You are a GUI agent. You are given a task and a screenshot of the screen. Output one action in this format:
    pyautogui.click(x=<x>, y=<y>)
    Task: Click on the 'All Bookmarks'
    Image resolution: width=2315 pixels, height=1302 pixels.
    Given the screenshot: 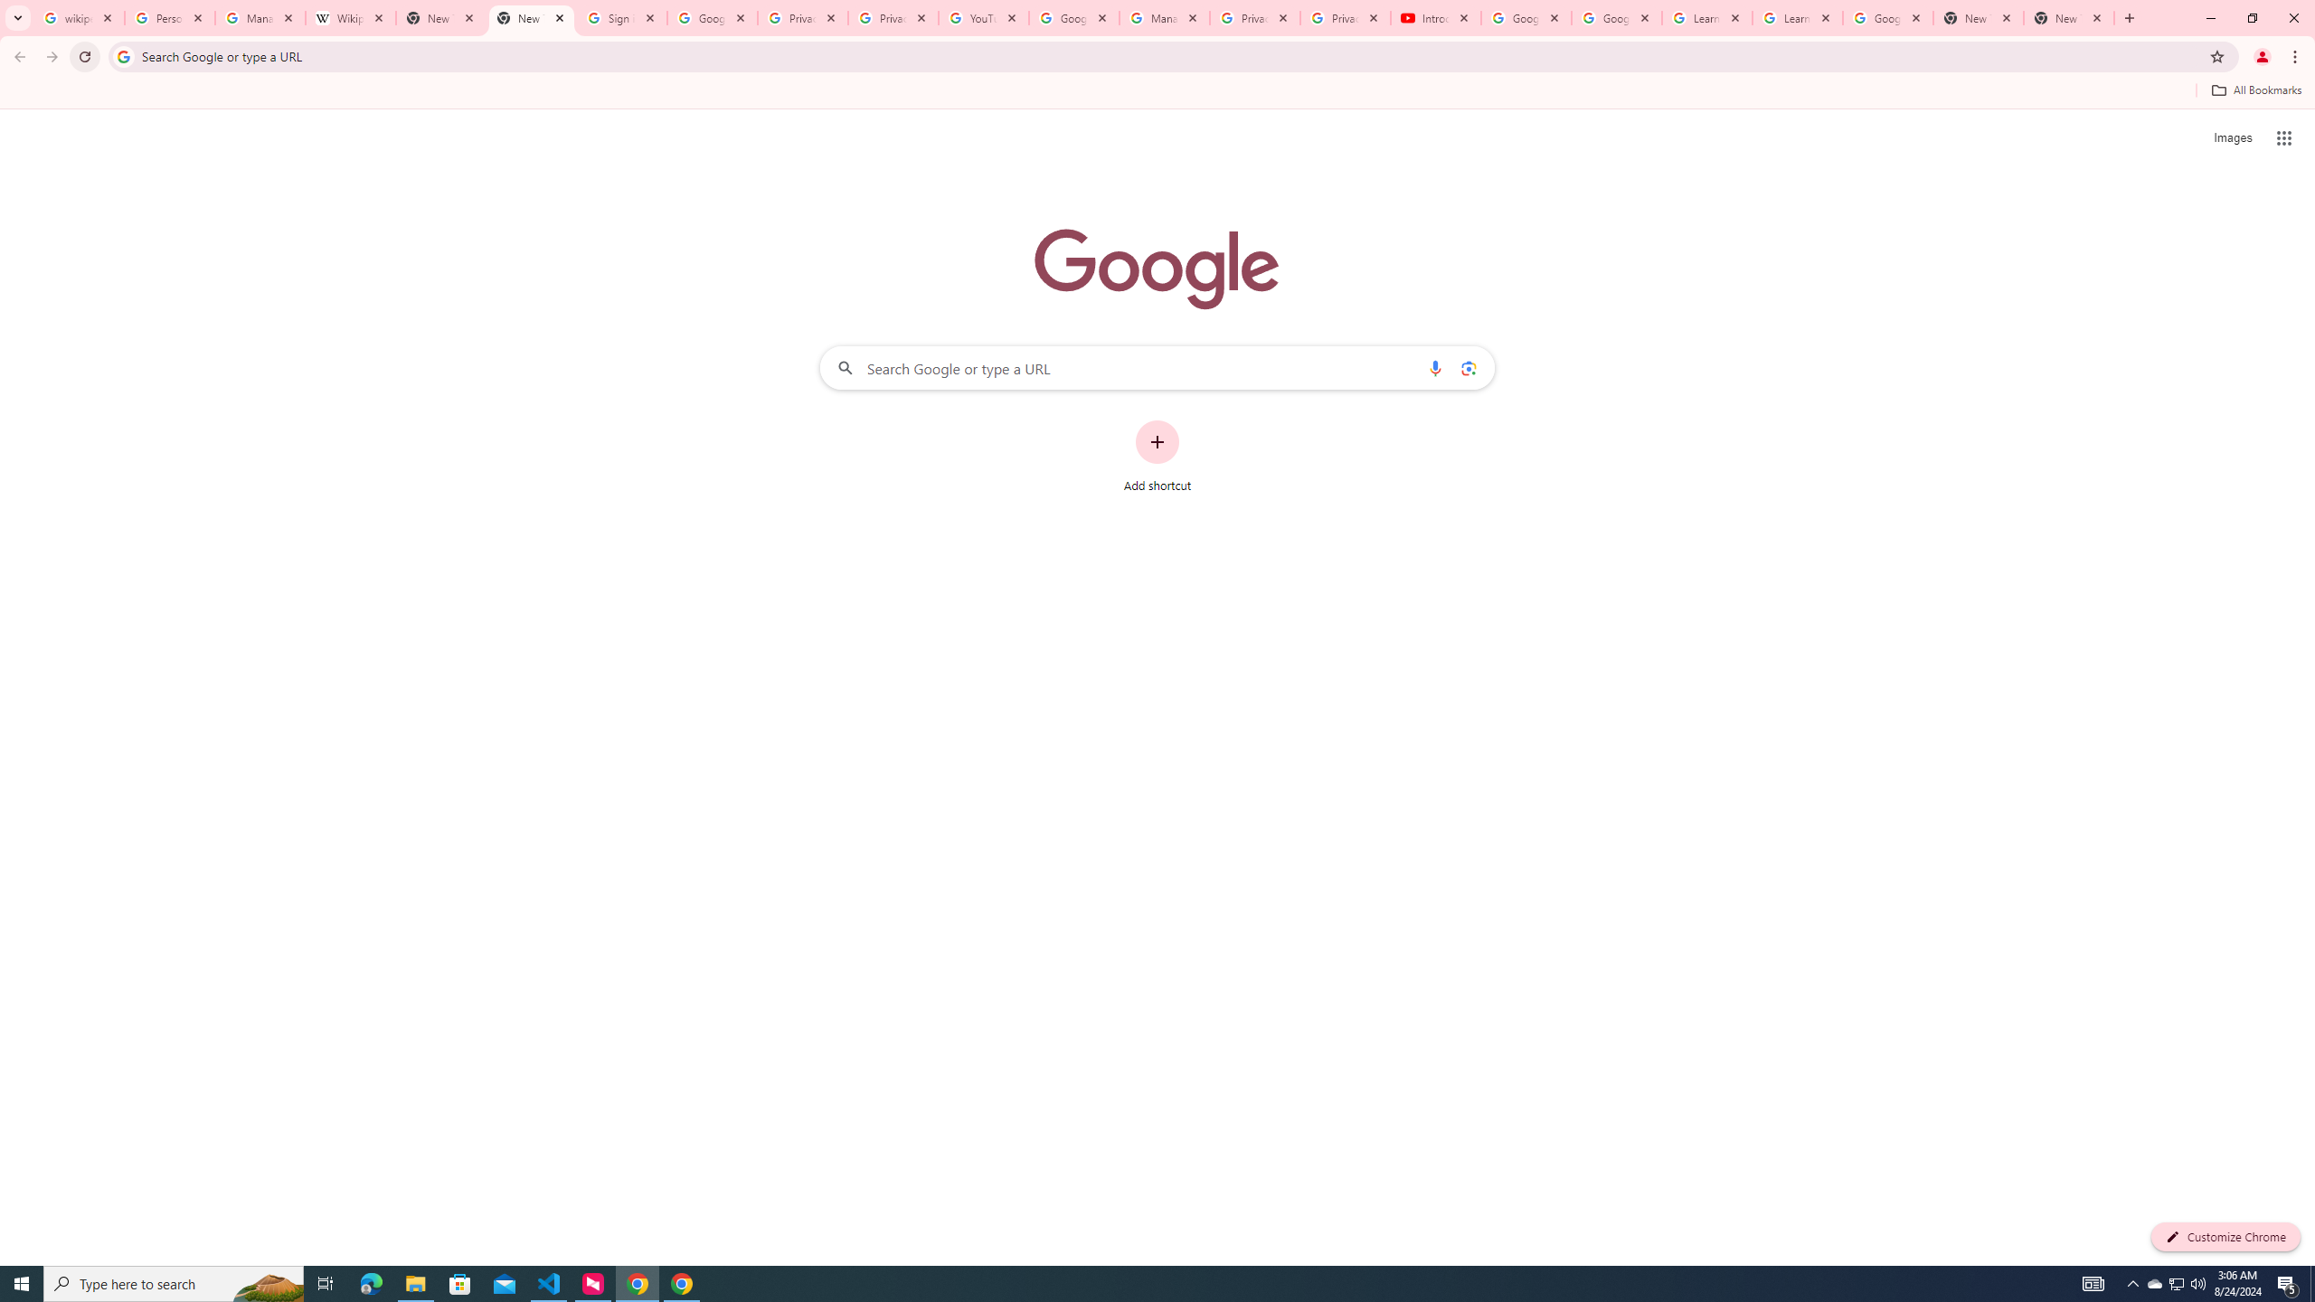 What is the action you would take?
    pyautogui.click(x=2255, y=90)
    